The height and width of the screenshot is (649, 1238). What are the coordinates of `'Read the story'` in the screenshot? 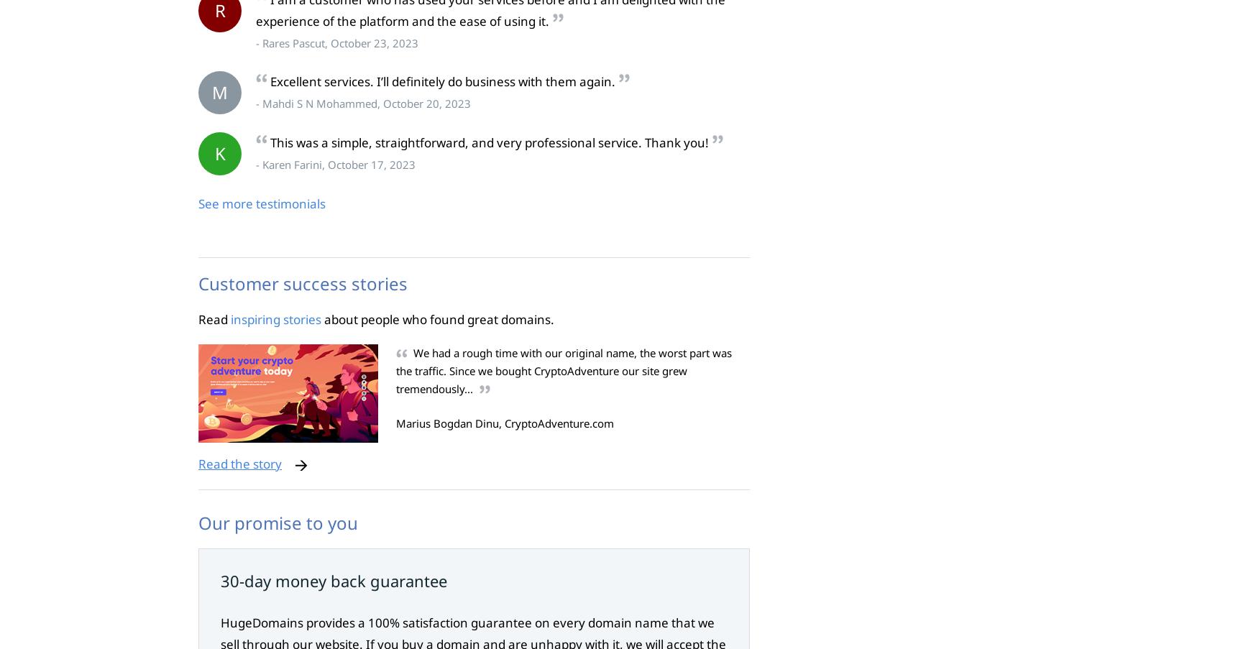 It's located at (198, 463).